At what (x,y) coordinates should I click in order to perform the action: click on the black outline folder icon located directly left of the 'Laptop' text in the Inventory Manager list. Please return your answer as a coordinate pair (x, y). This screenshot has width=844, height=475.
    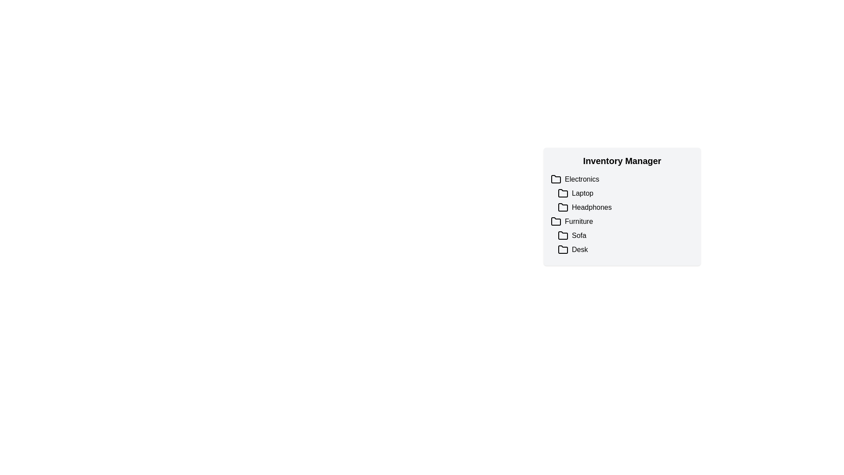
    Looking at the image, I should click on (563, 193).